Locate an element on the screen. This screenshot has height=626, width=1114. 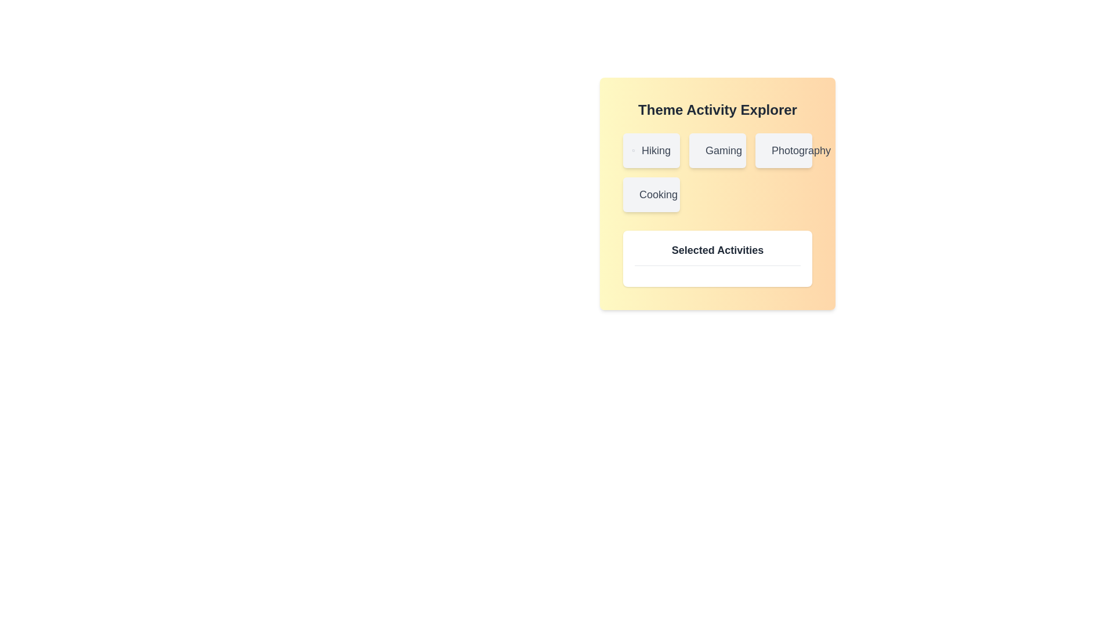
text from the heading labeled 'Theme Activity Explorer', which is styled as bold and large dark gray text at the top-center of the section is located at coordinates (717, 110).